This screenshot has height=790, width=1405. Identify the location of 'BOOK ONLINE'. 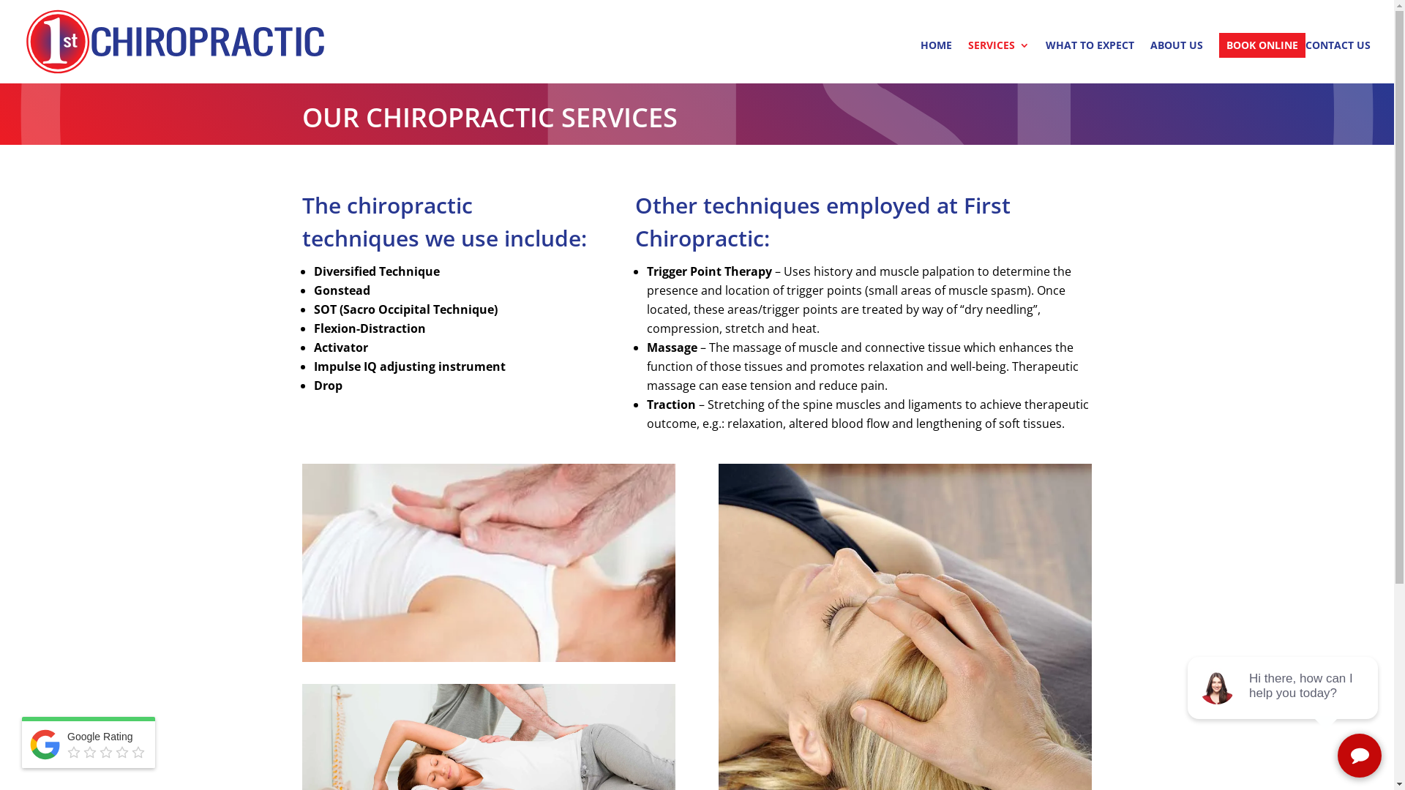
(1261, 44).